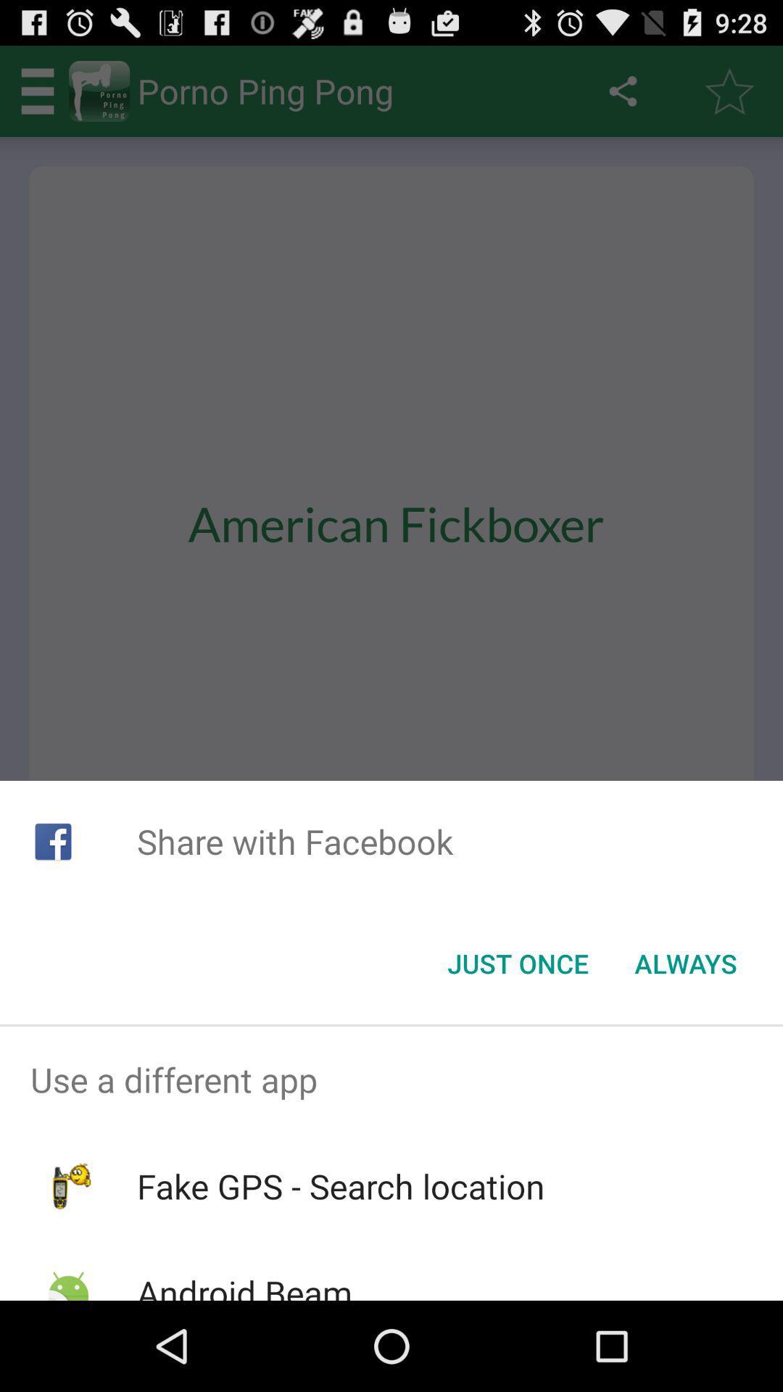 This screenshot has width=783, height=1392. I want to click on item to the right of the just once icon, so click(685, 964).